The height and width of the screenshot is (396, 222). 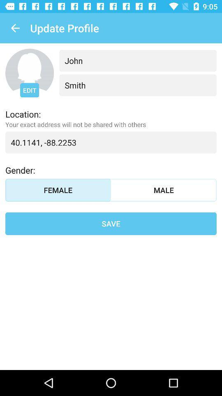 What do you see at coordinates (58, 190) in the screenshot?
I see `item next to male icon` at bounding box center [58, 190].